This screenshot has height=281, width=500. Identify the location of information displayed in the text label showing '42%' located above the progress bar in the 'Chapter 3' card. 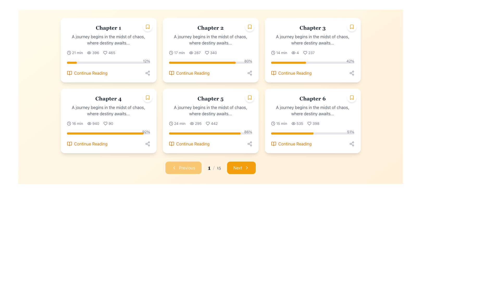
(350, 61).